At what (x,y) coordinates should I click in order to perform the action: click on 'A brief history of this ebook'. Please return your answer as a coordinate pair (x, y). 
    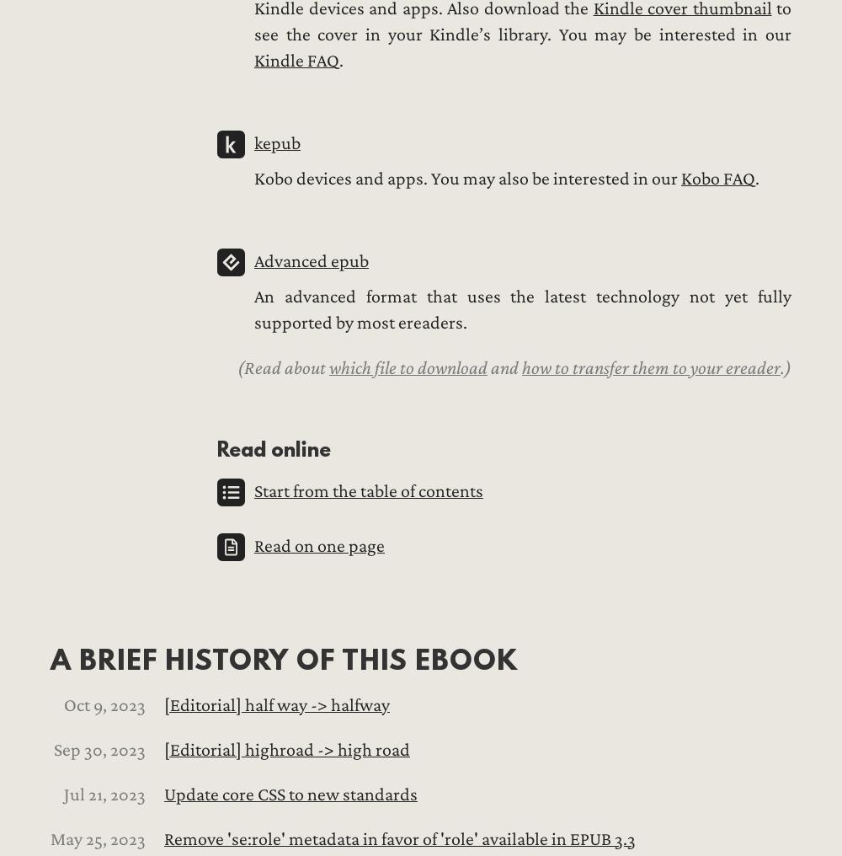
    Looking at the image, I should click on (283, 658).